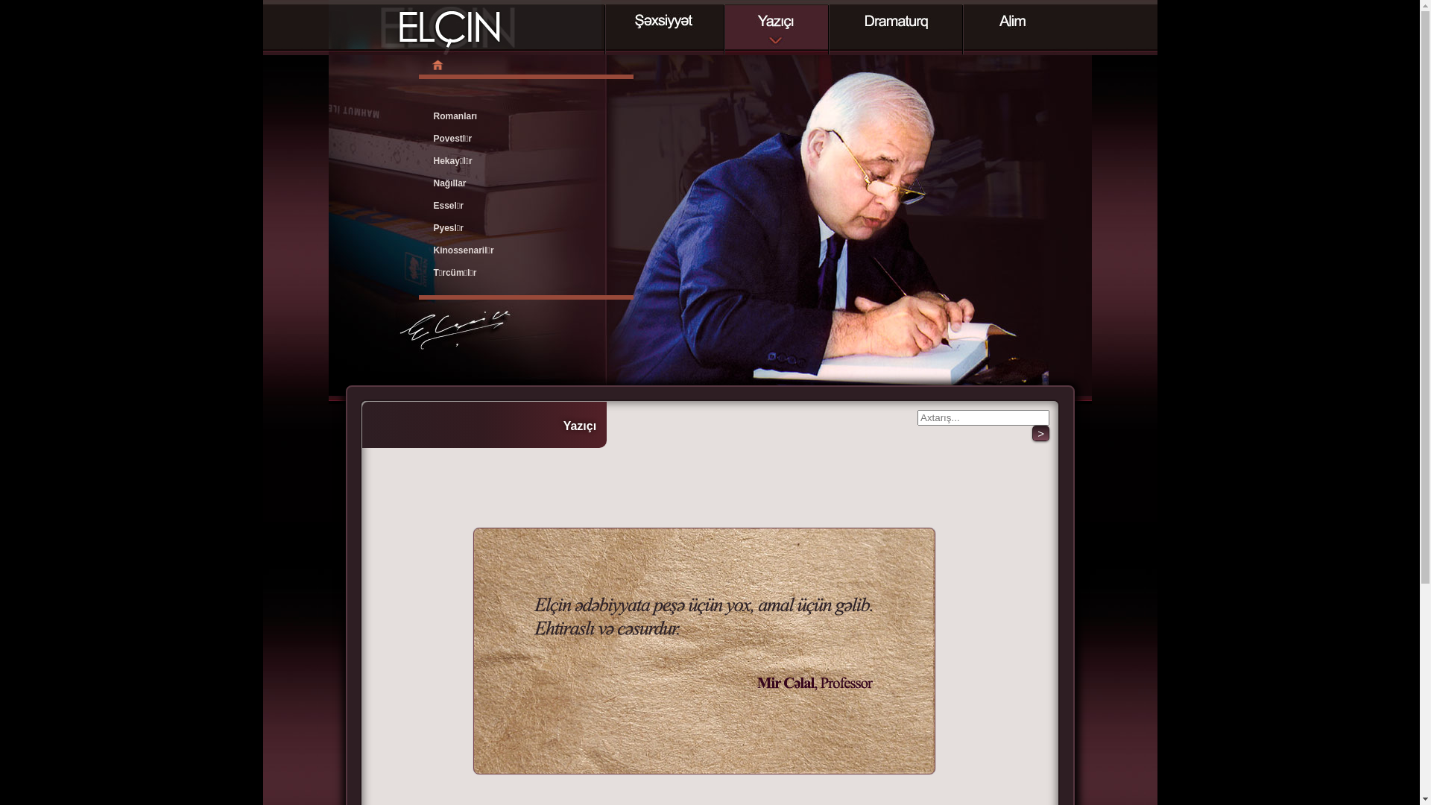  What do you see at coordinates (1040, 433) in the screenshot?
I see `'>'` at bounding box center [1040, 433].